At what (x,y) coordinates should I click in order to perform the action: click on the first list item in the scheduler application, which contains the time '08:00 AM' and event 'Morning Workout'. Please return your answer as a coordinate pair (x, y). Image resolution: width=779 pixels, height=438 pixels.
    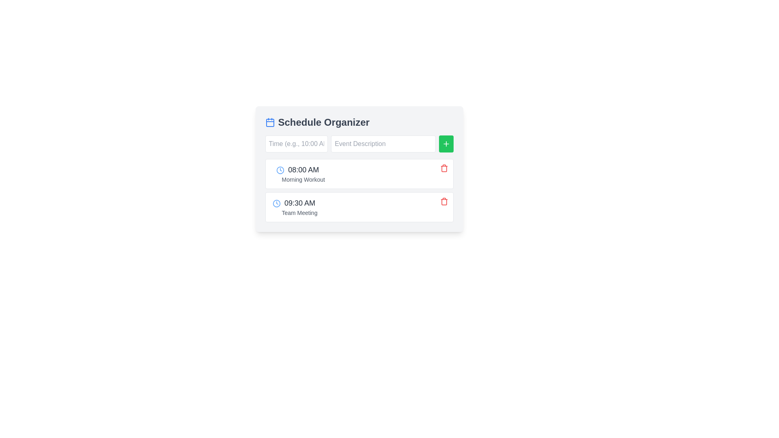
    Looking at the image, I should click on (359, 173).